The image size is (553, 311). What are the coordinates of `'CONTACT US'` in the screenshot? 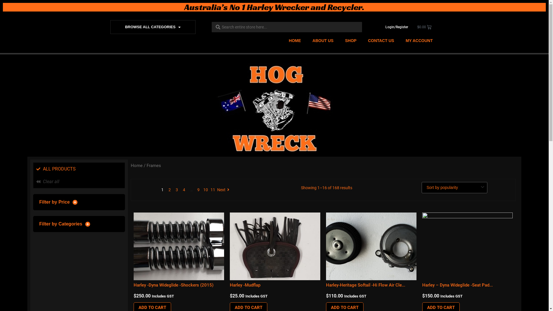 It's located at (381, 40).